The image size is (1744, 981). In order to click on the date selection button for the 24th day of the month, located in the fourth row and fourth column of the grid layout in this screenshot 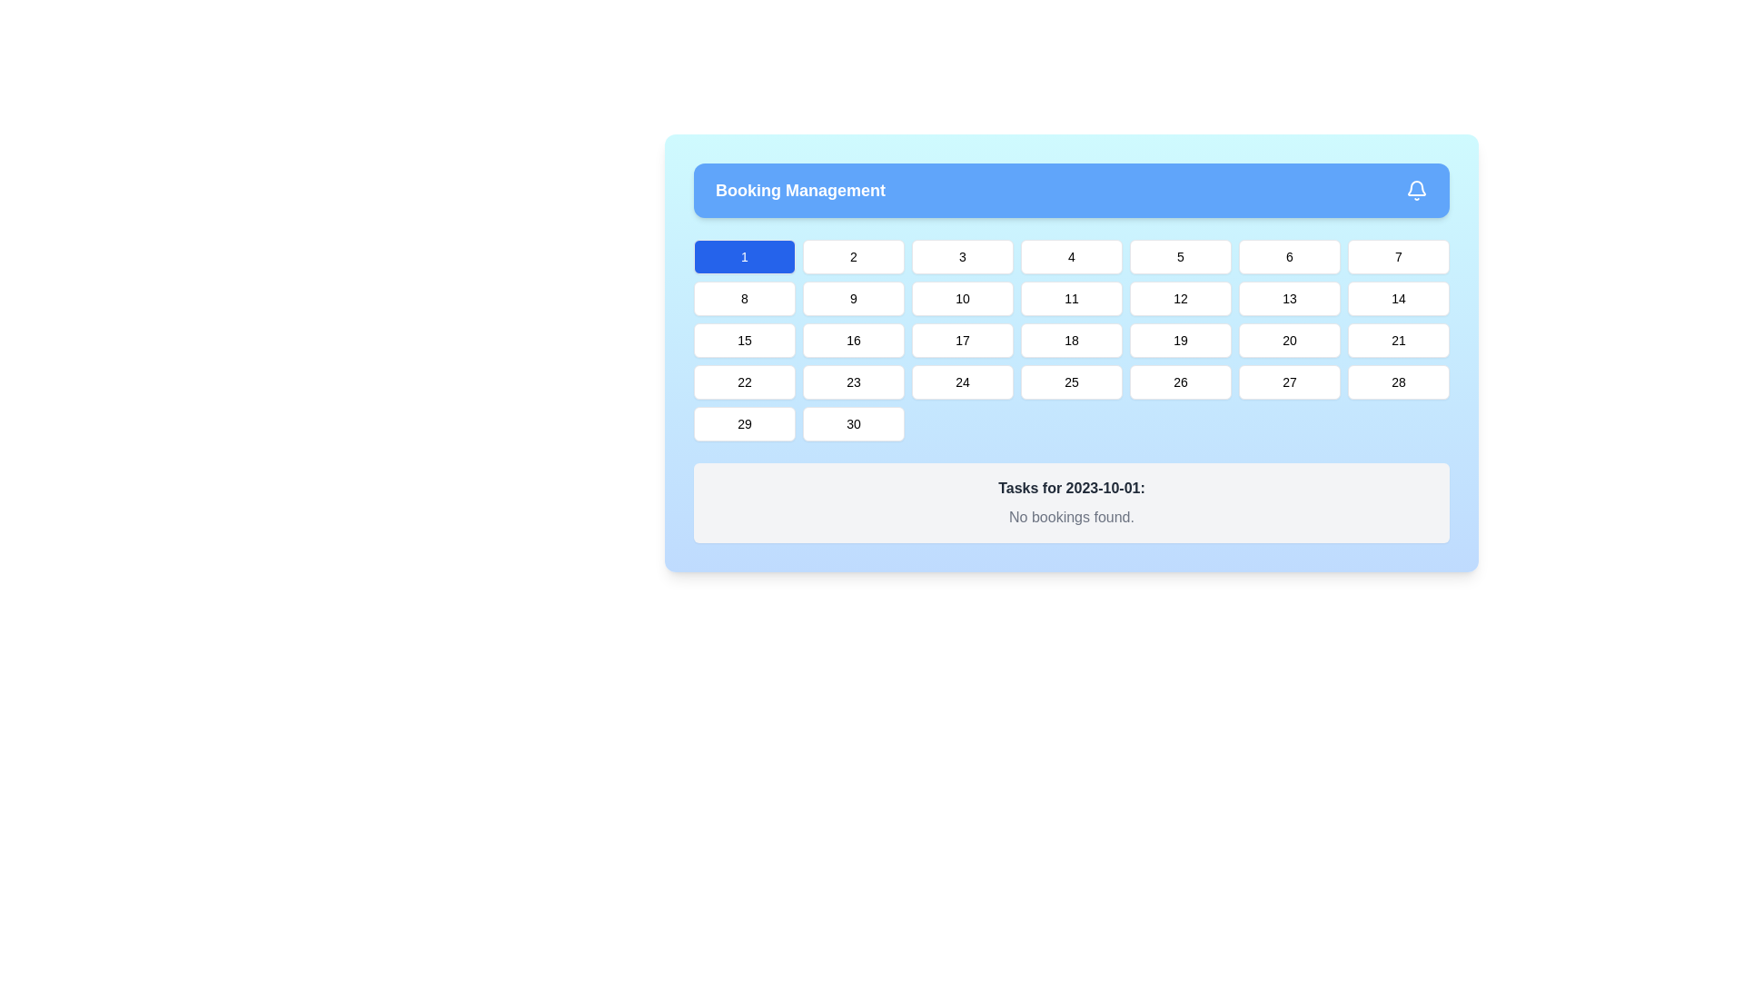, I will do `click(962, 381)`.